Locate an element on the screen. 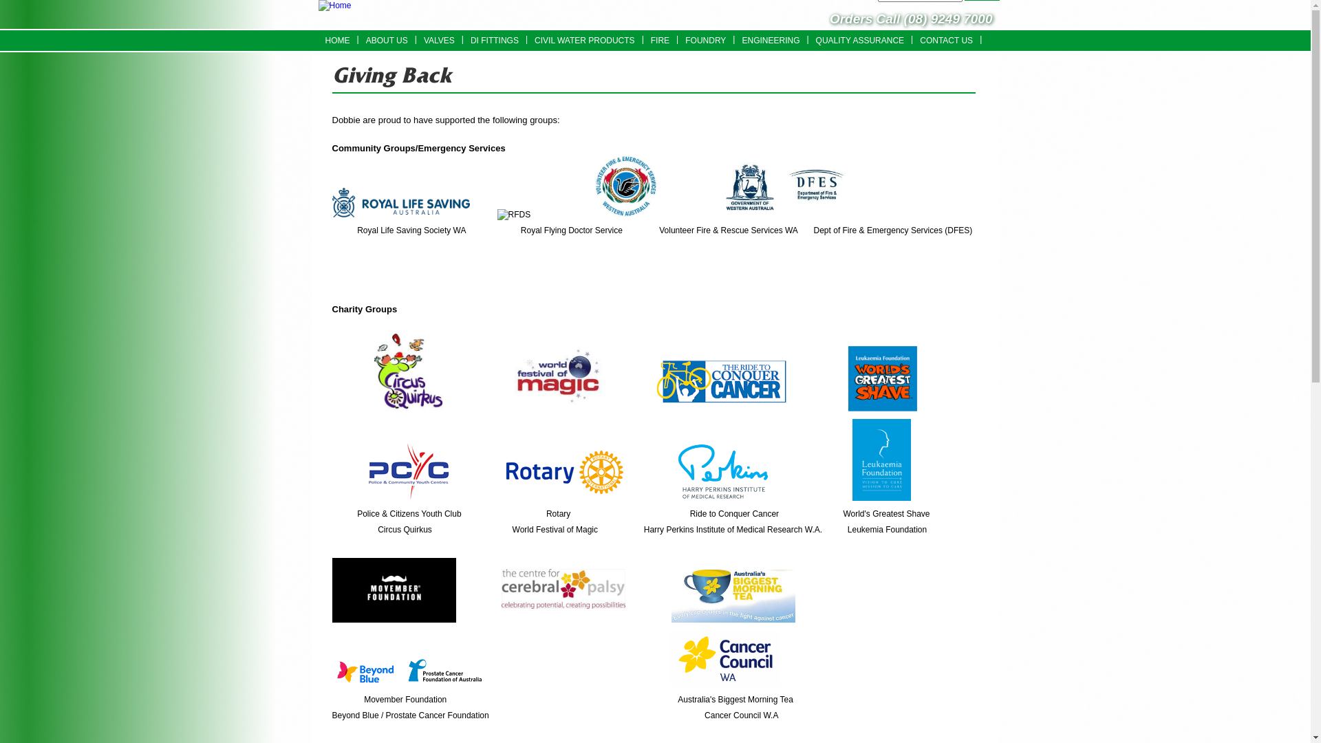  'Morning Tea' is located at coordinates (732, 595).